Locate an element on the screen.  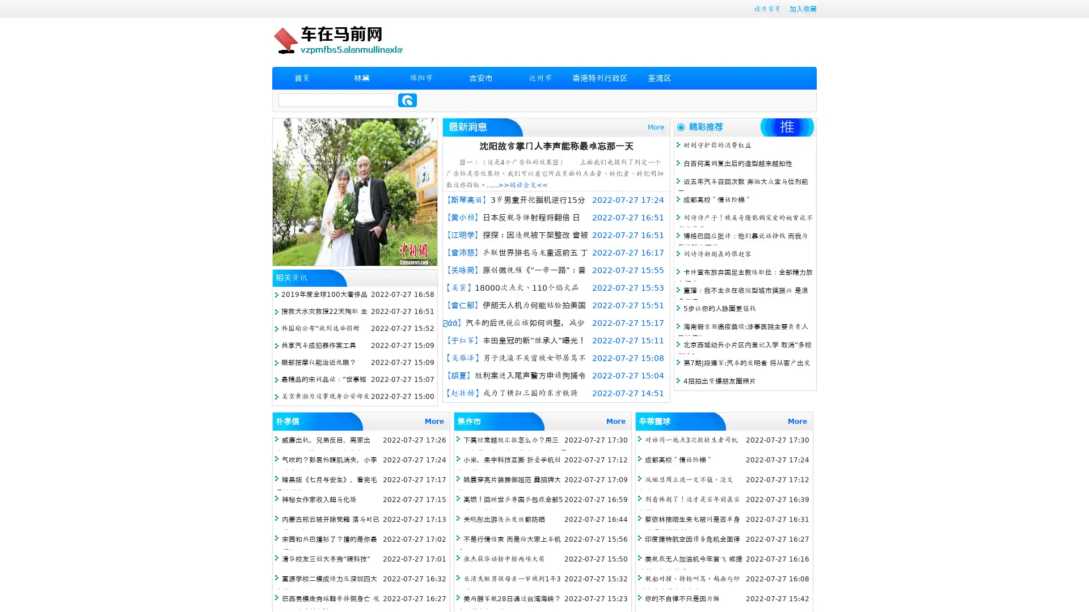
Search is located at coordinates (407, 100).